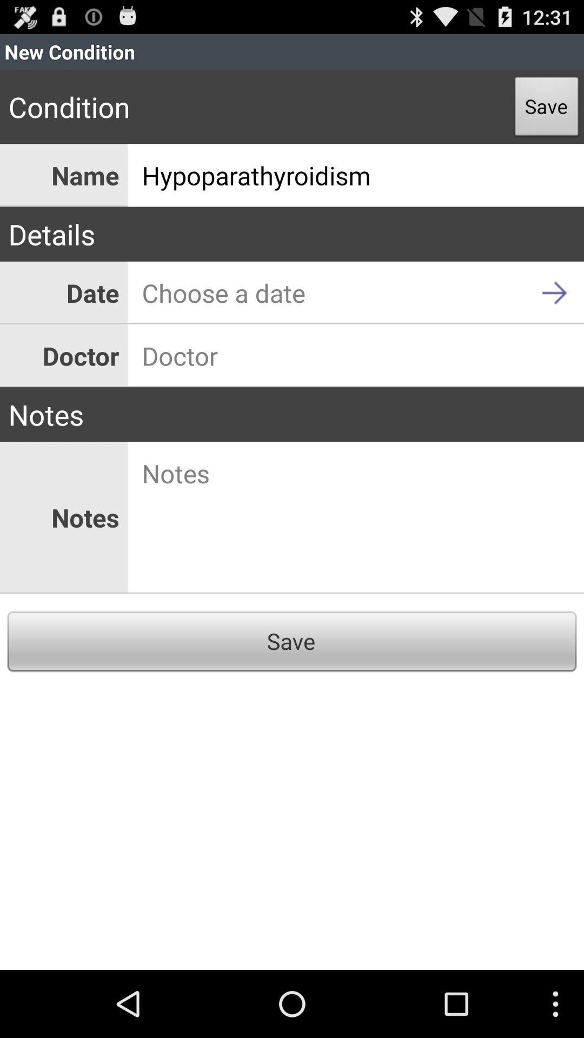  What do you see at coordinates (356, 356) in the screenshot?
I see `doctor` at bounding box center [356, 356].